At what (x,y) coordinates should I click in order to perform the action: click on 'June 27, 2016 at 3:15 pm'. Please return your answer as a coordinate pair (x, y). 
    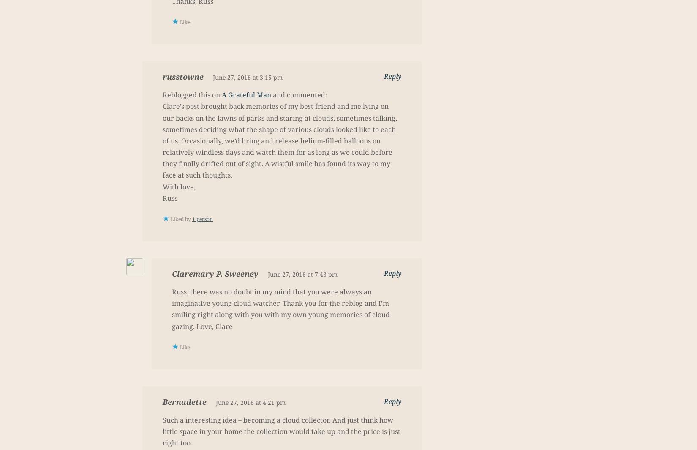
    Looking at the image, I should click on (212, 77).